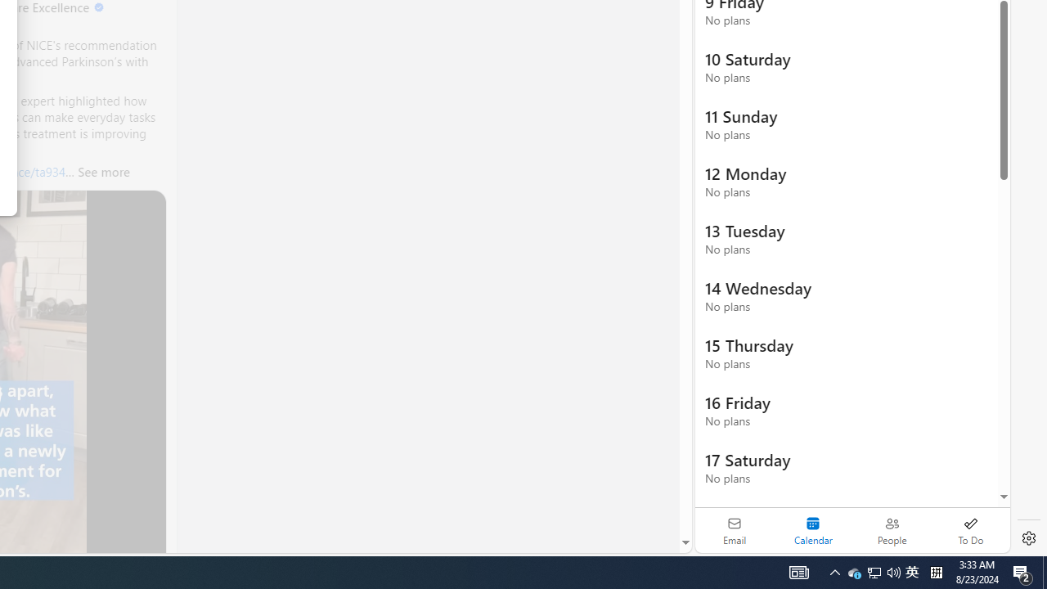  I want to click on 'Selected calendar module. Date today is 22', so click(813, 530).